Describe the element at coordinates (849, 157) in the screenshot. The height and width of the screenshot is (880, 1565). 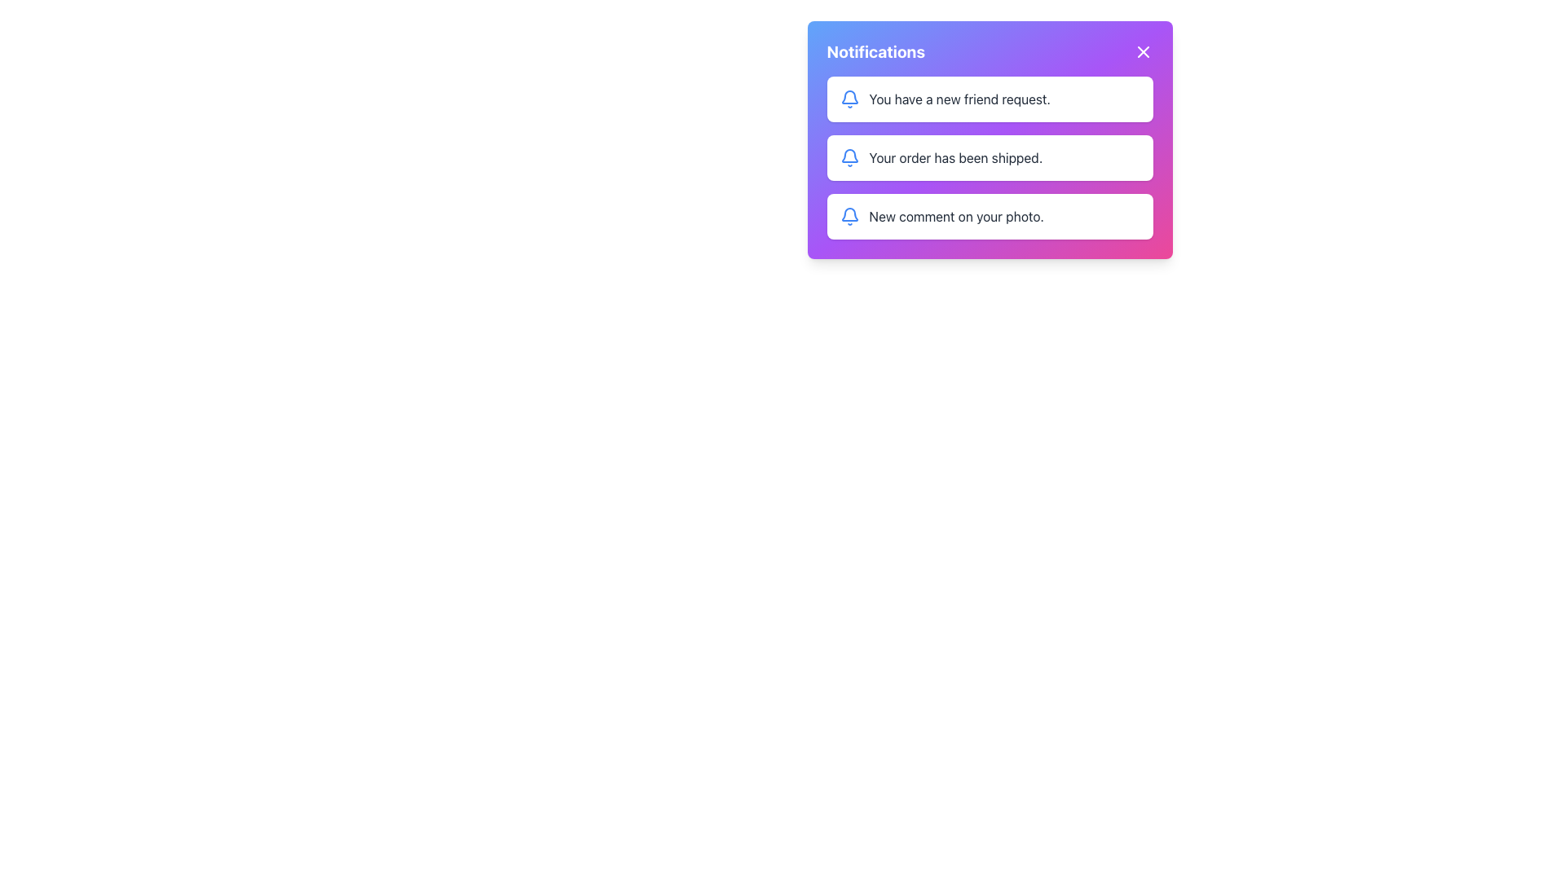
I see `the blue bell icon located to the left of the 'Your order has been shipped.' text` at that location.